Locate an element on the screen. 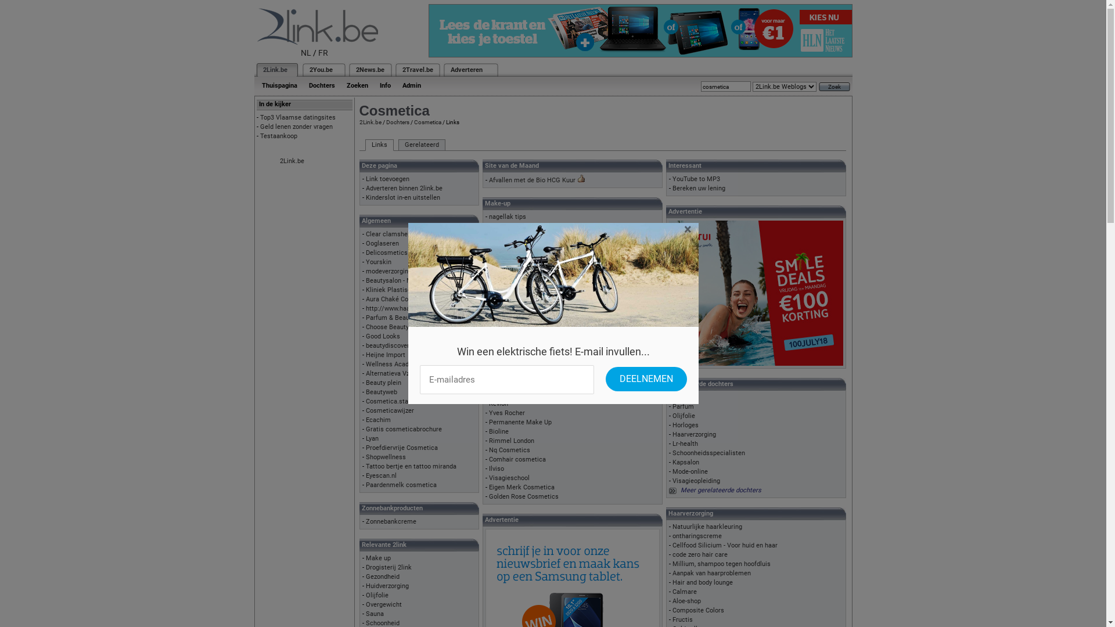  'NL' is located at coordinates (306, 53).